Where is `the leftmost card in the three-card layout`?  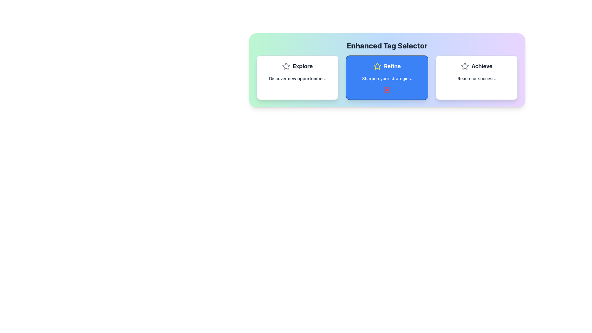 the leftmost card in the three-card layout is located at coordinates (297, 77).